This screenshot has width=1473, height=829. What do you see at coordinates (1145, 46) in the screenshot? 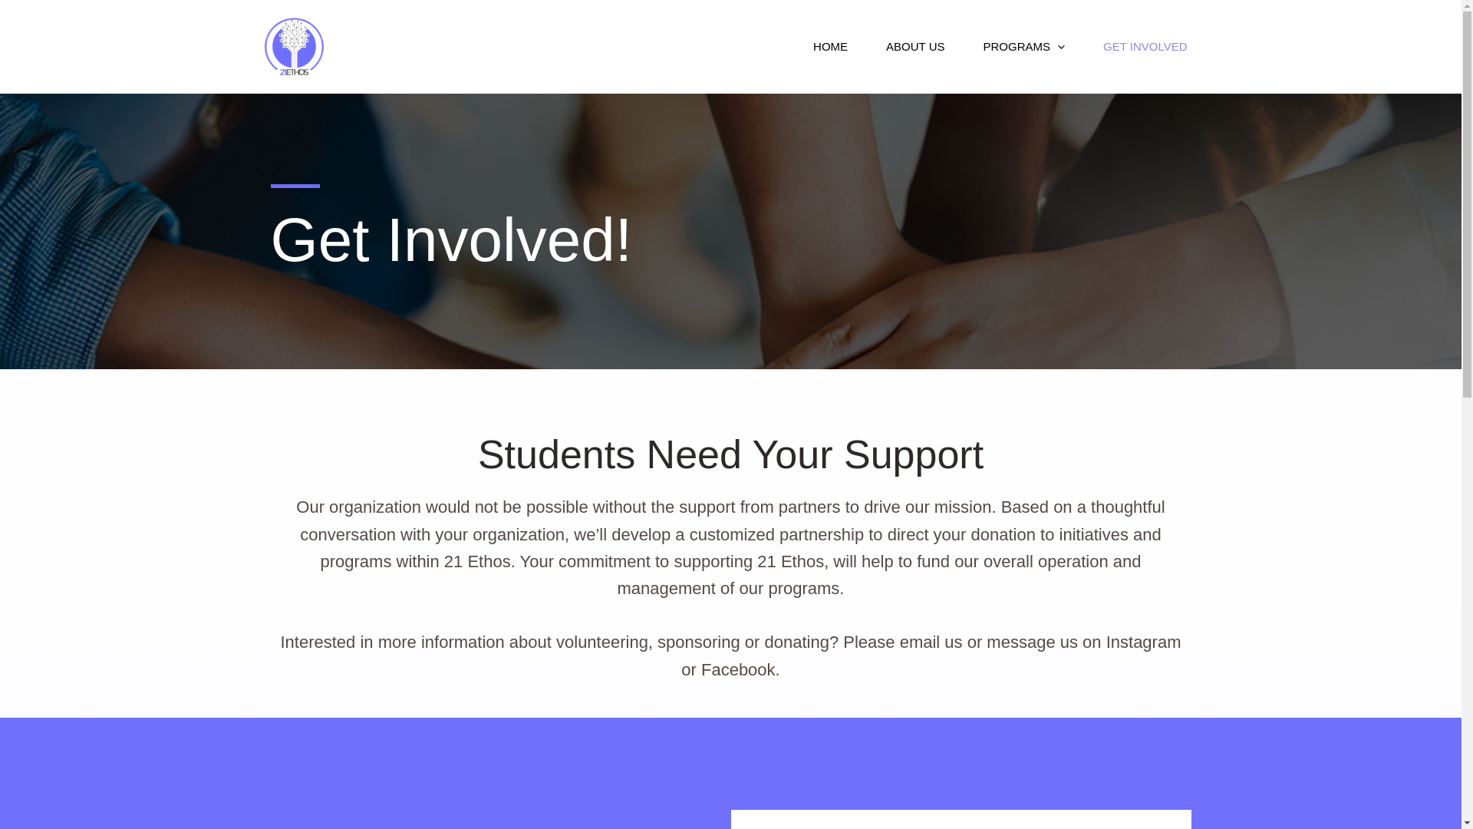
I see `'GET INVOLVED'` at bounding box center [1145, 46].